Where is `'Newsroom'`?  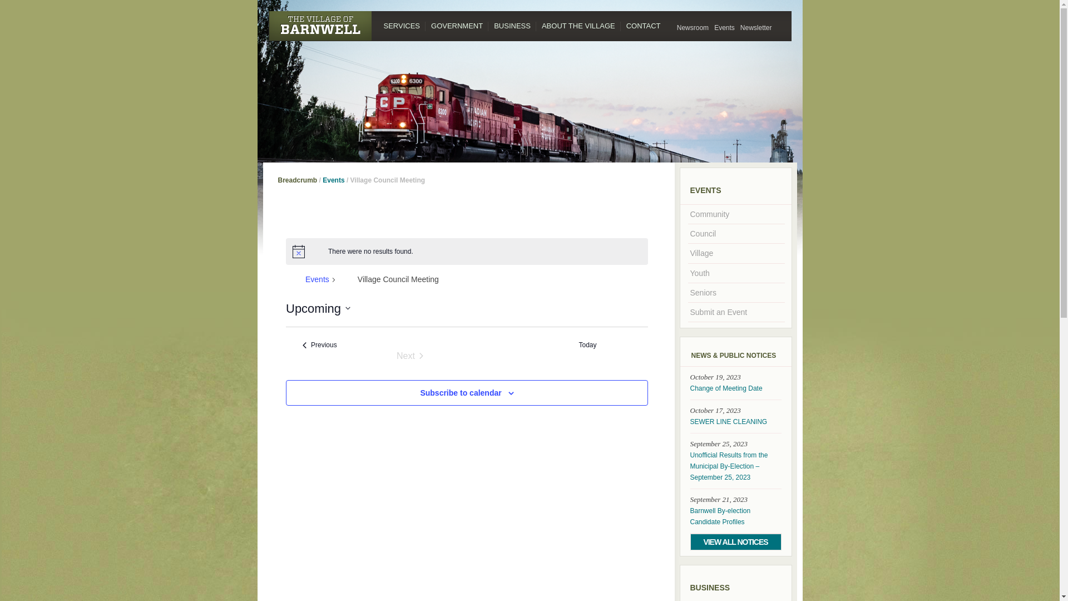 'Newsroom' is located at coordinates (692, 27).